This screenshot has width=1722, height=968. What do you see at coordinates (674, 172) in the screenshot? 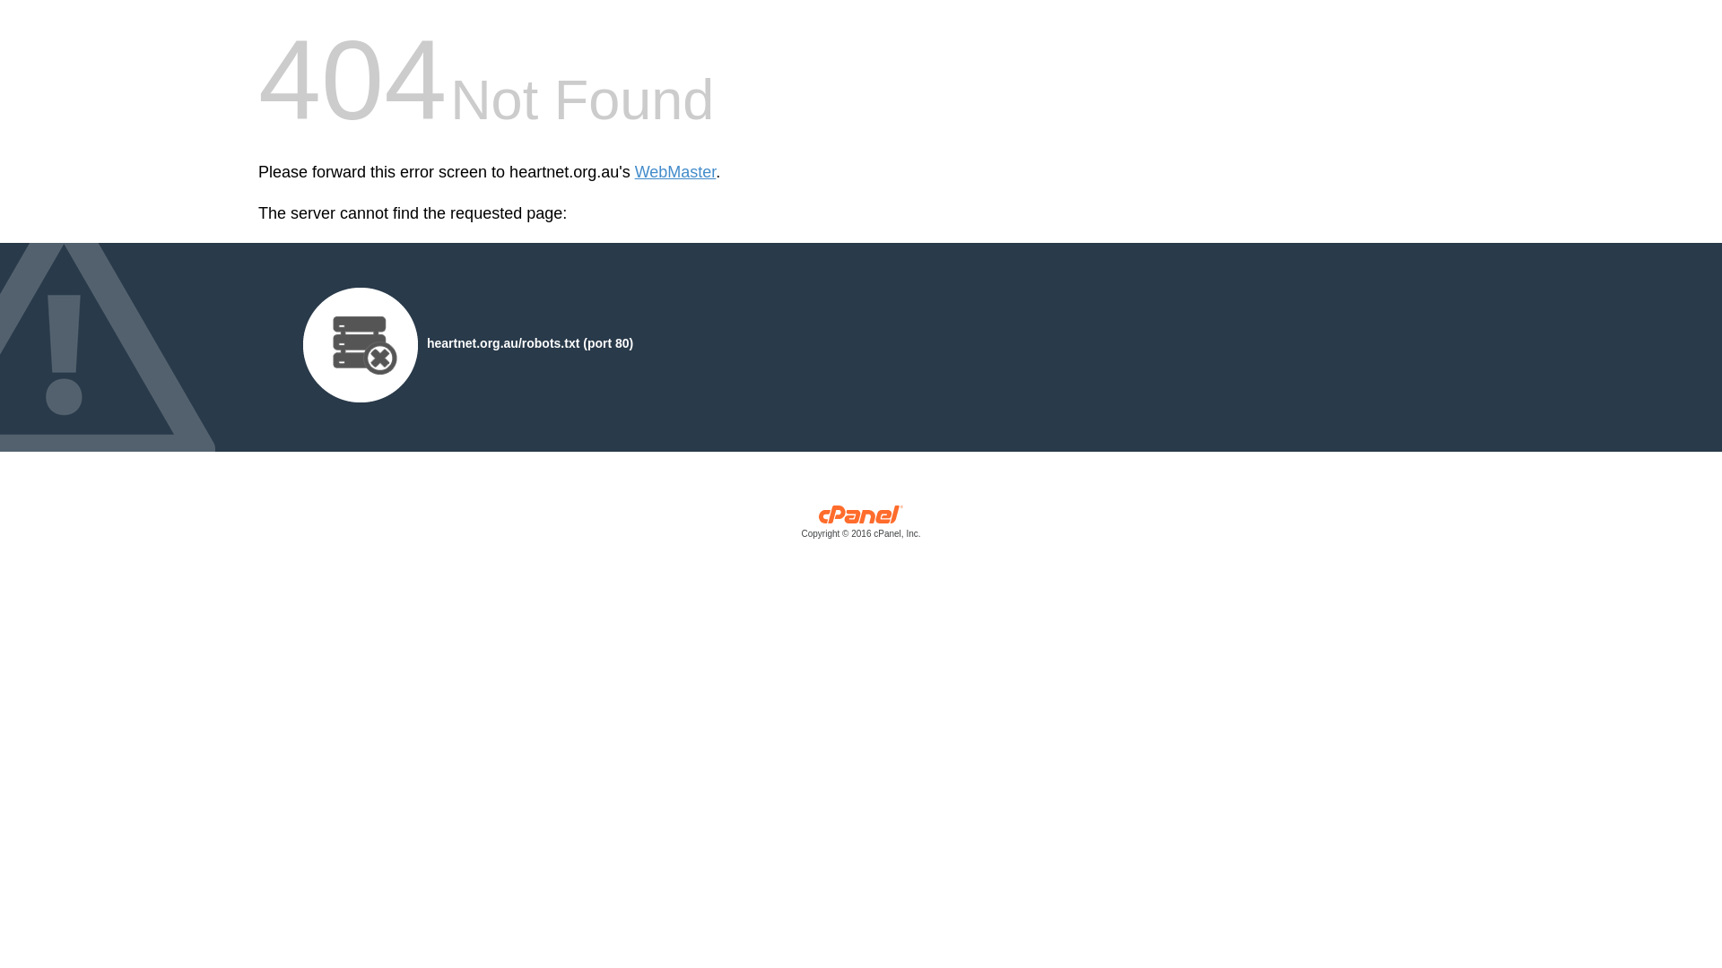
I see `'WebMaster'` at bounding box center [674, 172].